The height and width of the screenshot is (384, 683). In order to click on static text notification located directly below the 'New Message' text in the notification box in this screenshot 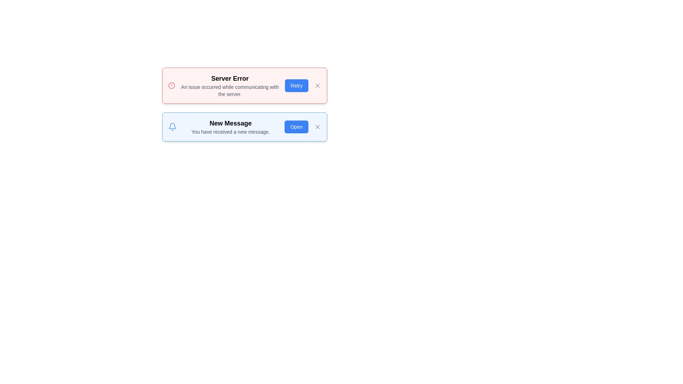, I will do `click(231, 132)`.